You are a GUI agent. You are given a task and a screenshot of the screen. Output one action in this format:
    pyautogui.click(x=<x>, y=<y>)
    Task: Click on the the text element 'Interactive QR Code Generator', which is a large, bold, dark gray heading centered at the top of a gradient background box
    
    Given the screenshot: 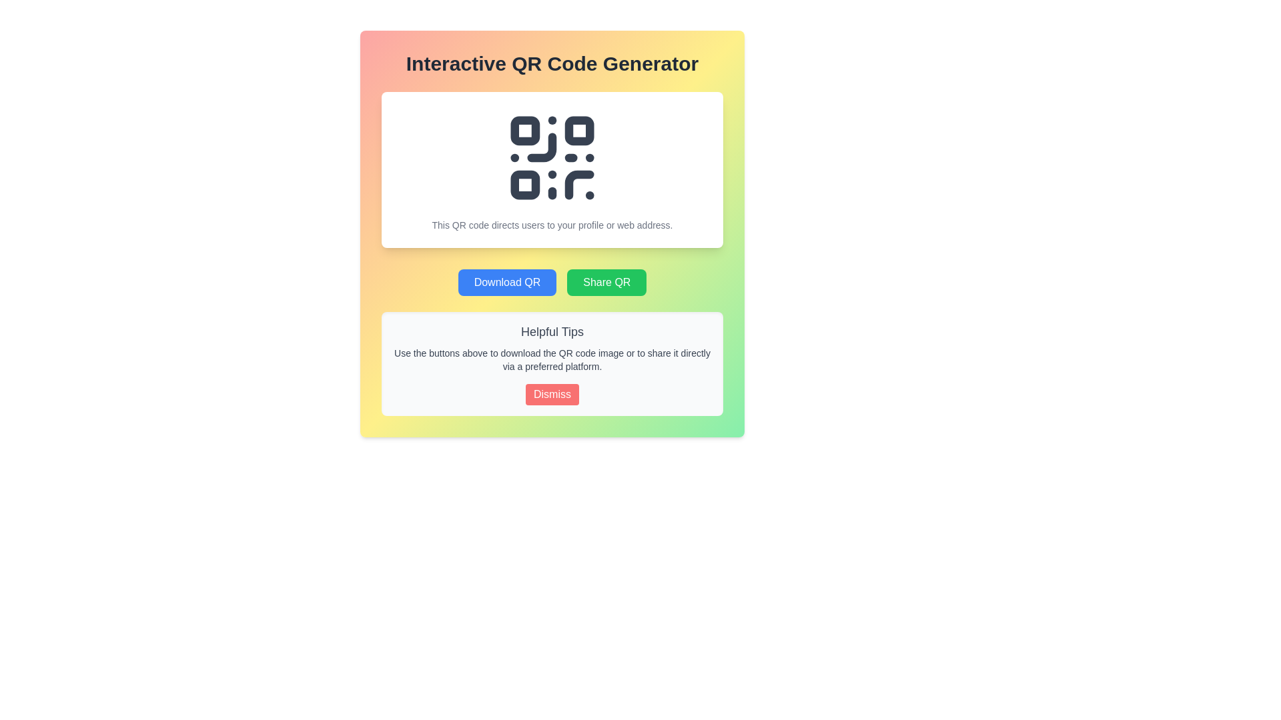 What is the action you would take?
    pyautogui.click(x=552, y=64)
    